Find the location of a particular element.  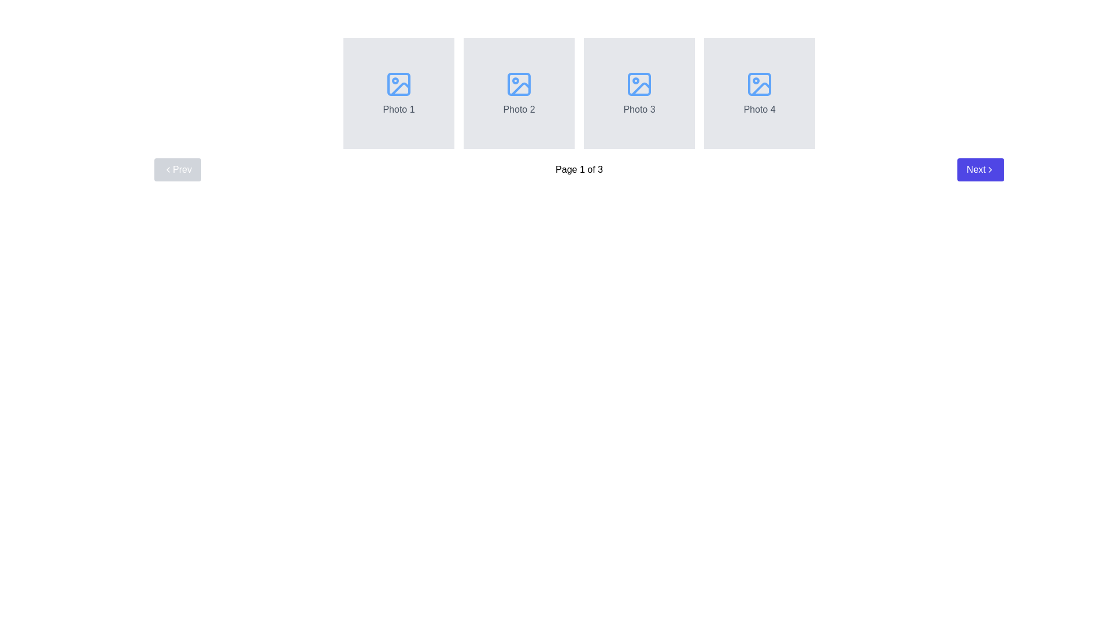

the SVG rectangle shape component that is part of the 'Photo 2' icon, located in the middle-right region of the interface is located at coordinates (518, 84).